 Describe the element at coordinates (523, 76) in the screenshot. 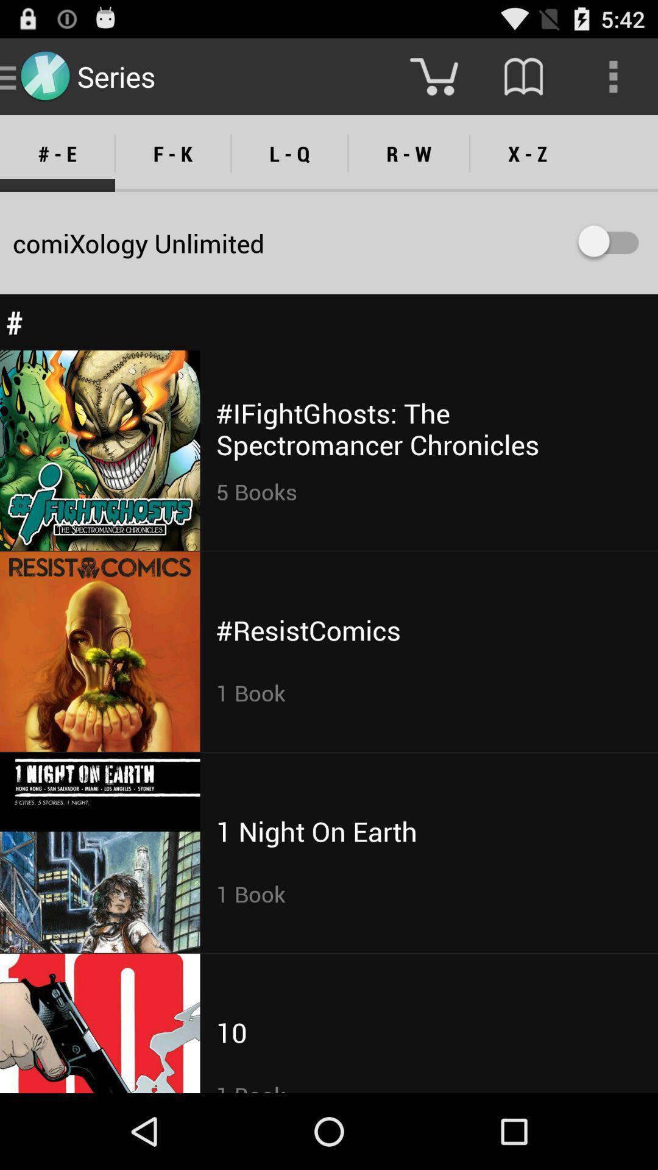

I see `item above x - z` at that location.